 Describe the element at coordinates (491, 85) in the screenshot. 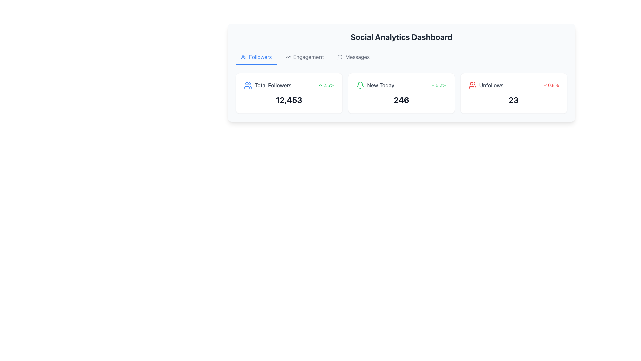

I see `the text label displaying 'Unfollows', which is styled in medium gray sans-serif font and positioned to the right of other statistical figures` at that location.